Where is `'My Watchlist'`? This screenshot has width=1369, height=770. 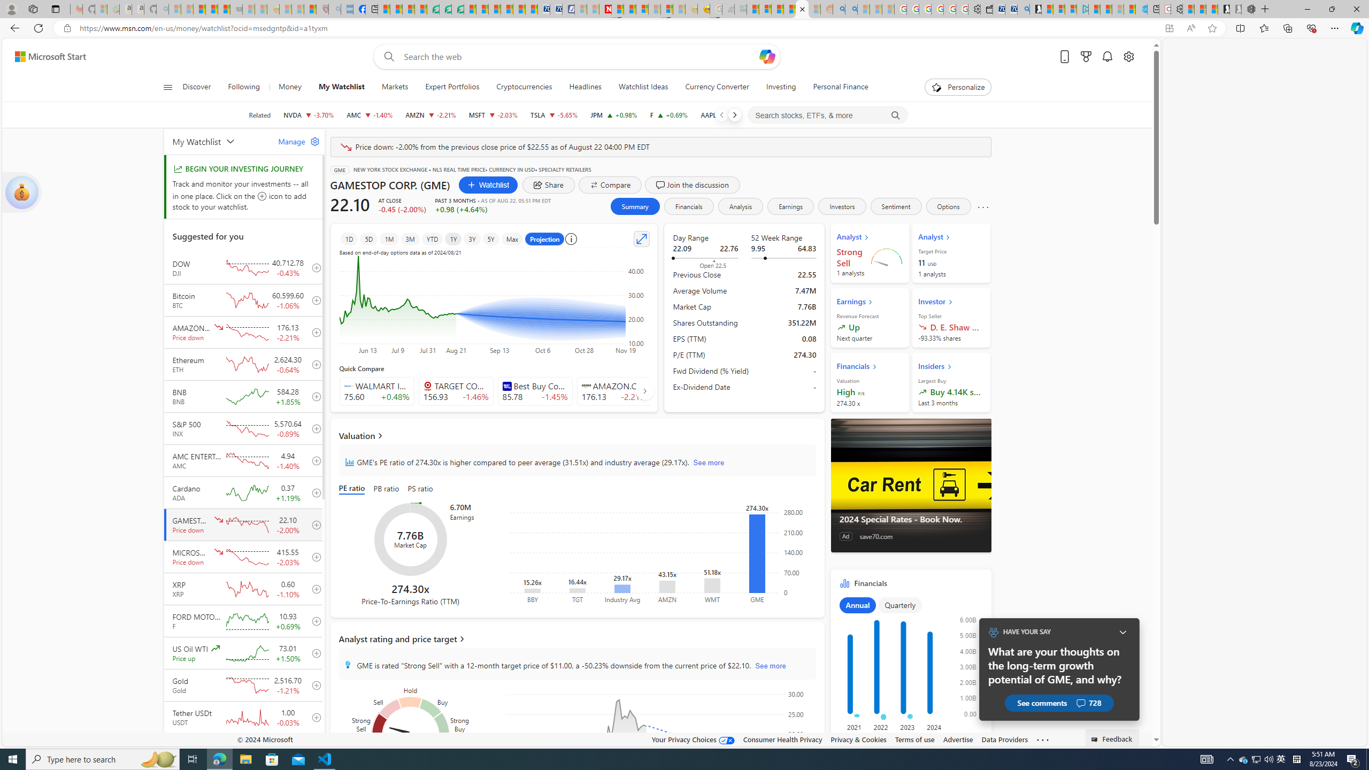
'My Watchlist' is located at coordinates (341, 87).